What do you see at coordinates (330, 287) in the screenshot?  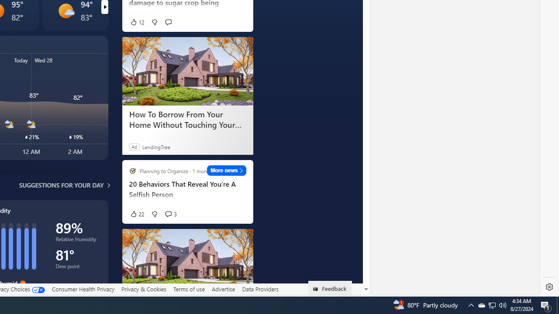 I see `'Feedback'` at bounding box center [330, 287].